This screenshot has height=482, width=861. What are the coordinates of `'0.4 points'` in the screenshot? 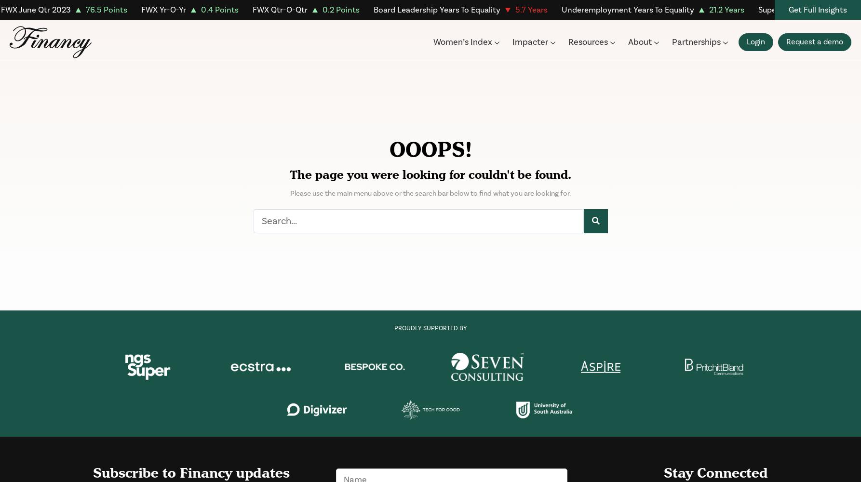 It's located at (218, 10).